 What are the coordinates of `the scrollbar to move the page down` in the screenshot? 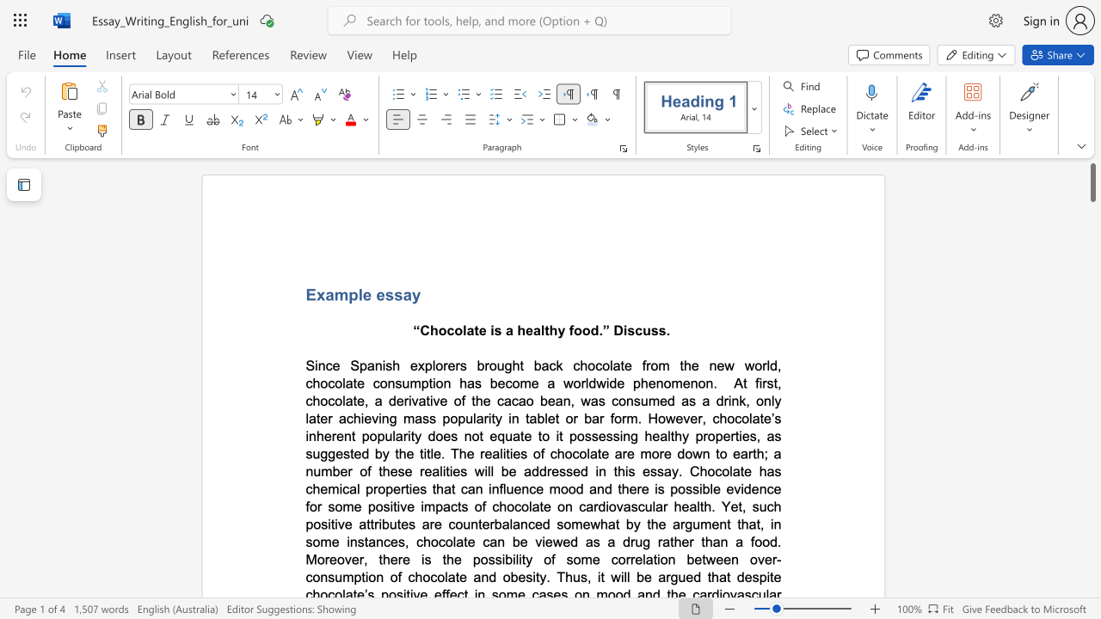 It's located at (1092, 499).